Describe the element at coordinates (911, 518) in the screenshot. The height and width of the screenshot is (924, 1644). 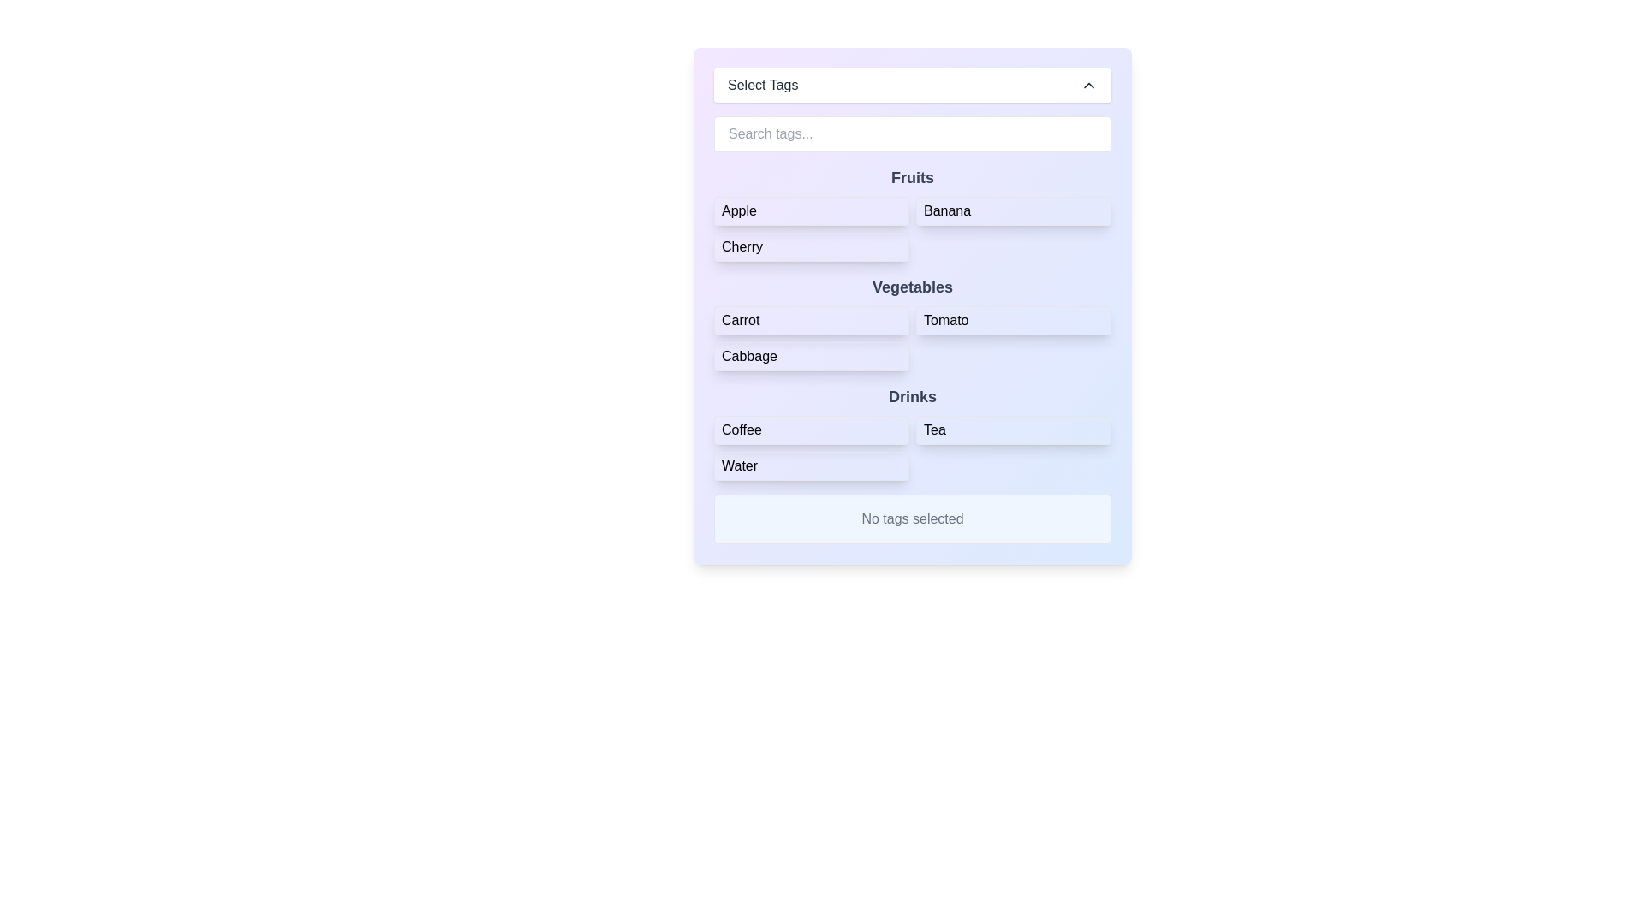
I see `the informative text label indicating that no tags have been selected, located at the bottom of the UI card for categories like 'Fruits', 'Vegetables', and 'Drinks'` at that location.